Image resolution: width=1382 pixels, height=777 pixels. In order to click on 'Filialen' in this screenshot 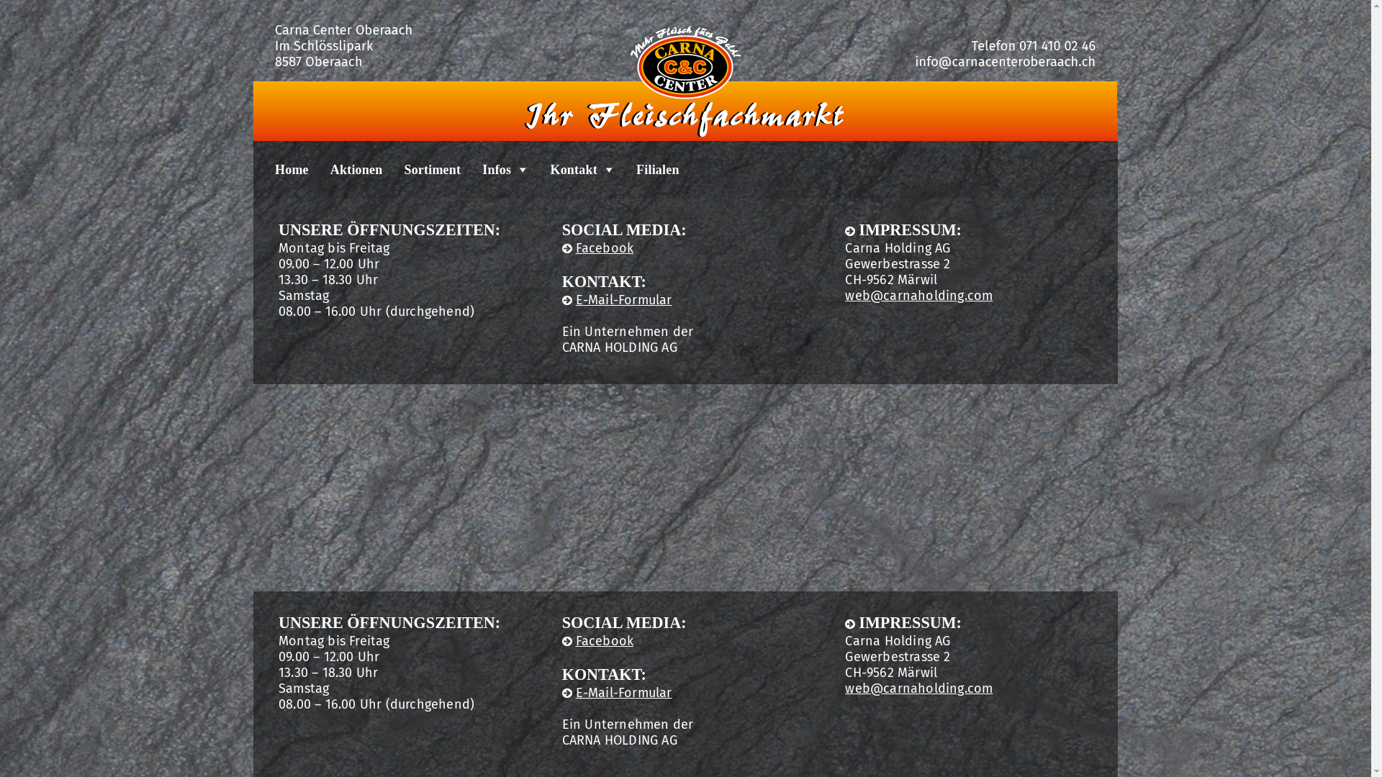, I will do `click(646, 168)`.